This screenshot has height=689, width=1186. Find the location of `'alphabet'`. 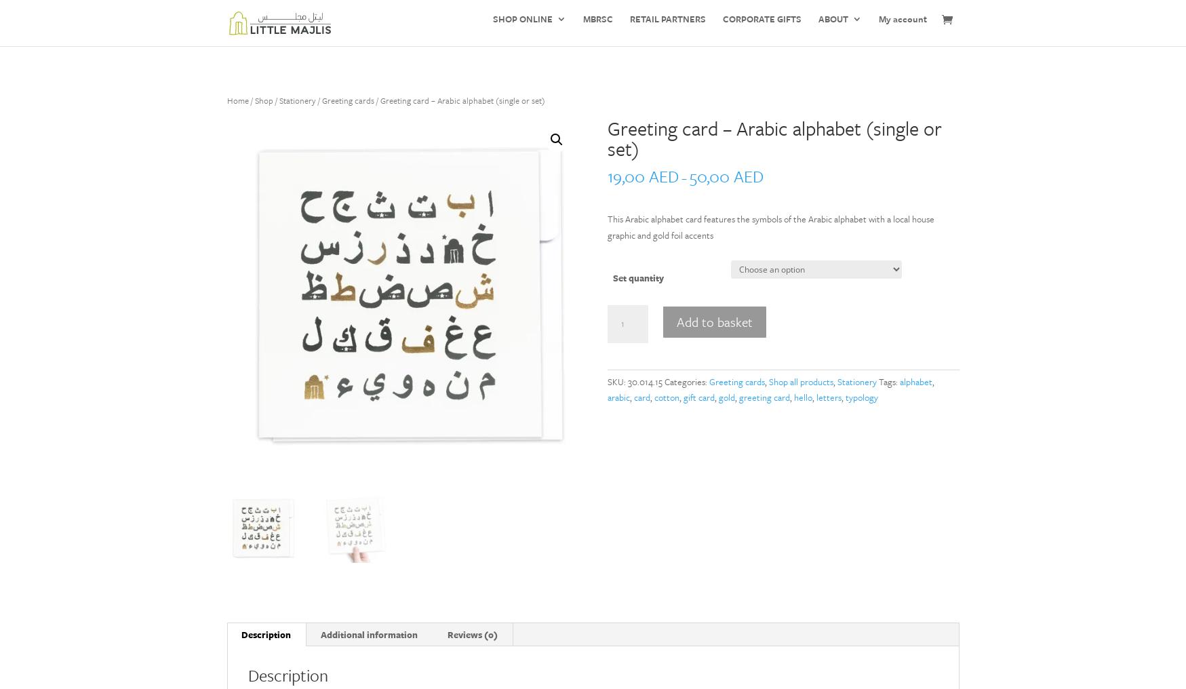

'alphabet' is located at coordinates (915, 380).